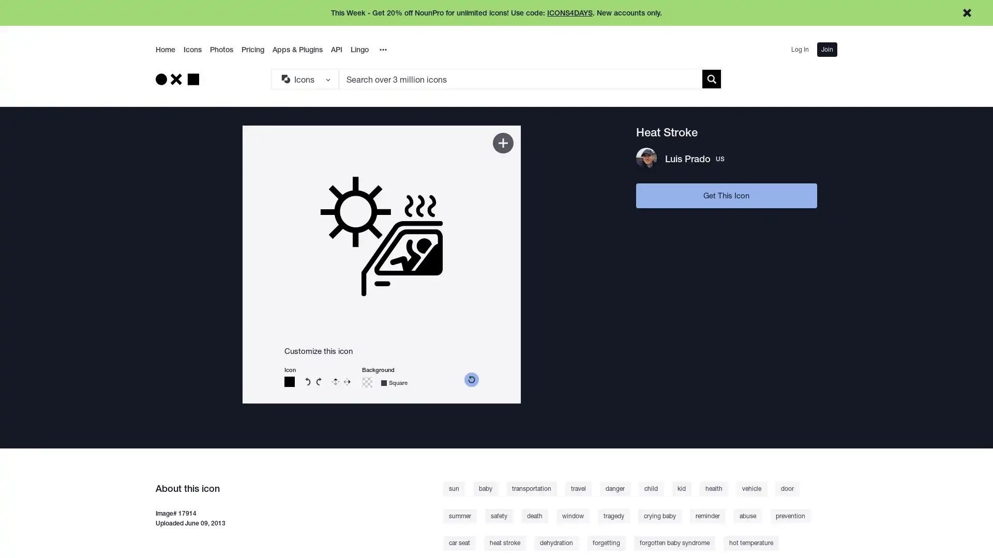  Describe the element at coordinates (826, 50) in the screenshot. I see `Join` at that location.